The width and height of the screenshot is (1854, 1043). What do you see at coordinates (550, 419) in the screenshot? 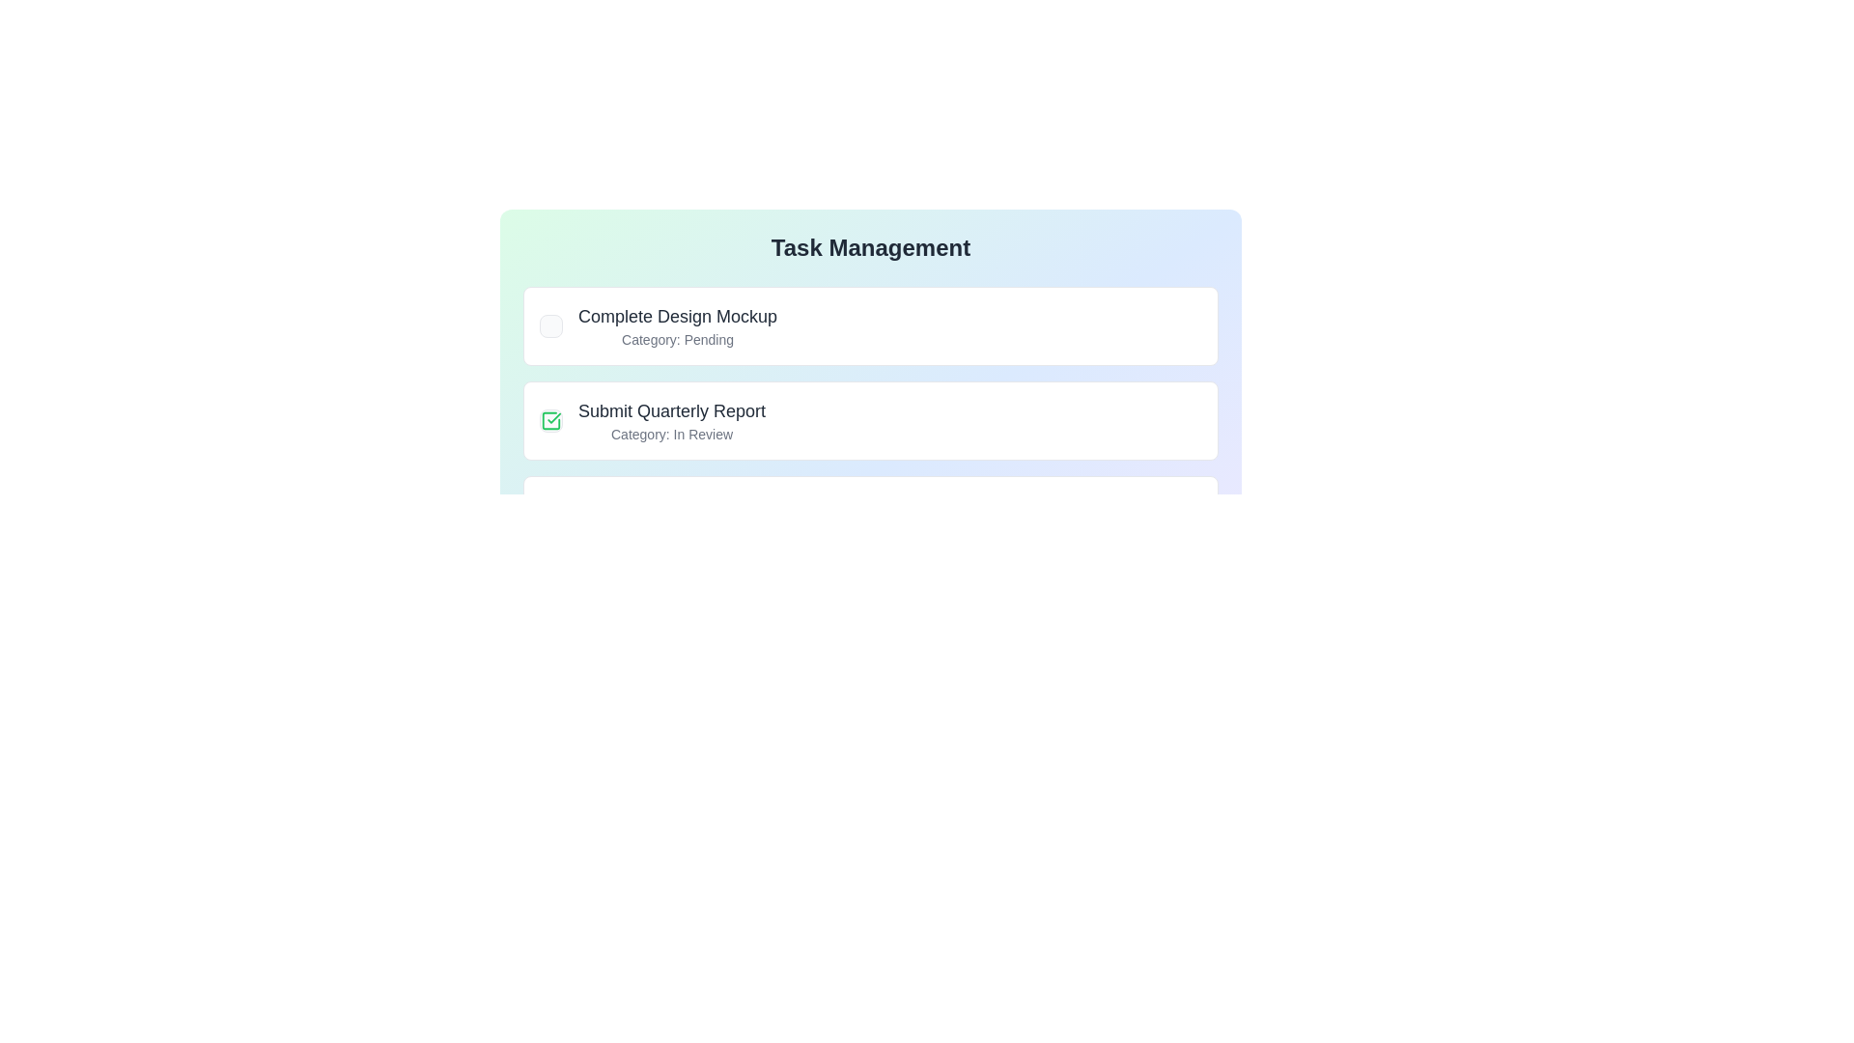
I see `the icon that displays the completion or selection status of the associated task, located to the left of the text 'Submit Quarterly Report' in the second item of the task list` at bounding box center [550, 419].